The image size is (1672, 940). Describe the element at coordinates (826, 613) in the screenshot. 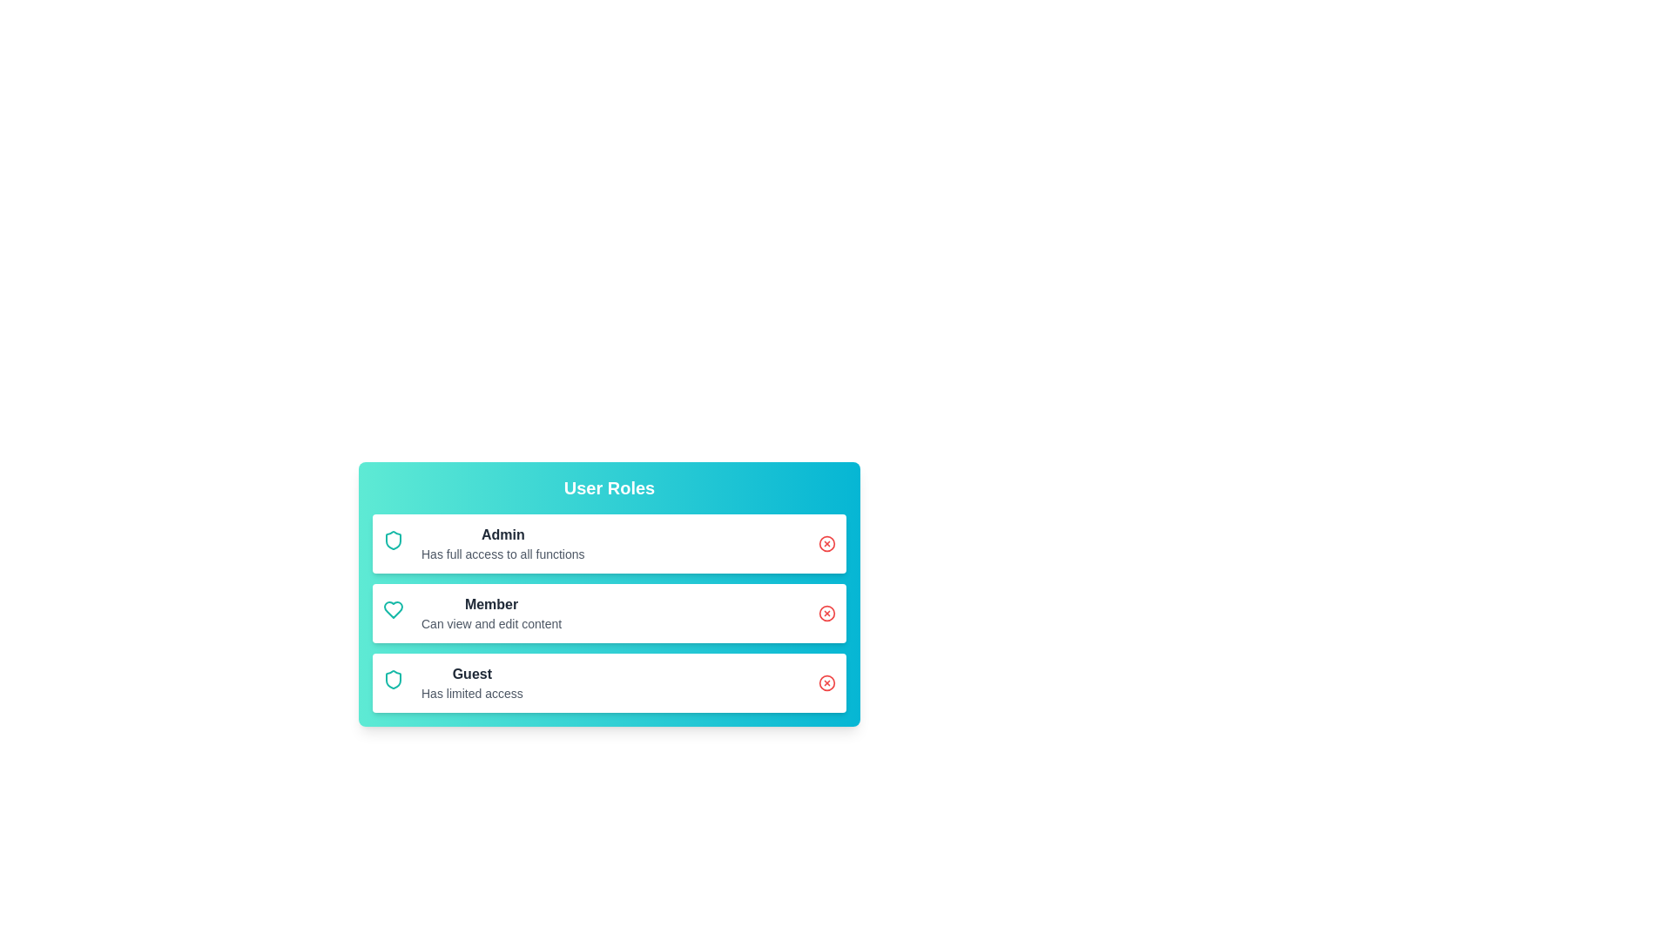

I see `the remove button for the role Member to delete it` at that location.